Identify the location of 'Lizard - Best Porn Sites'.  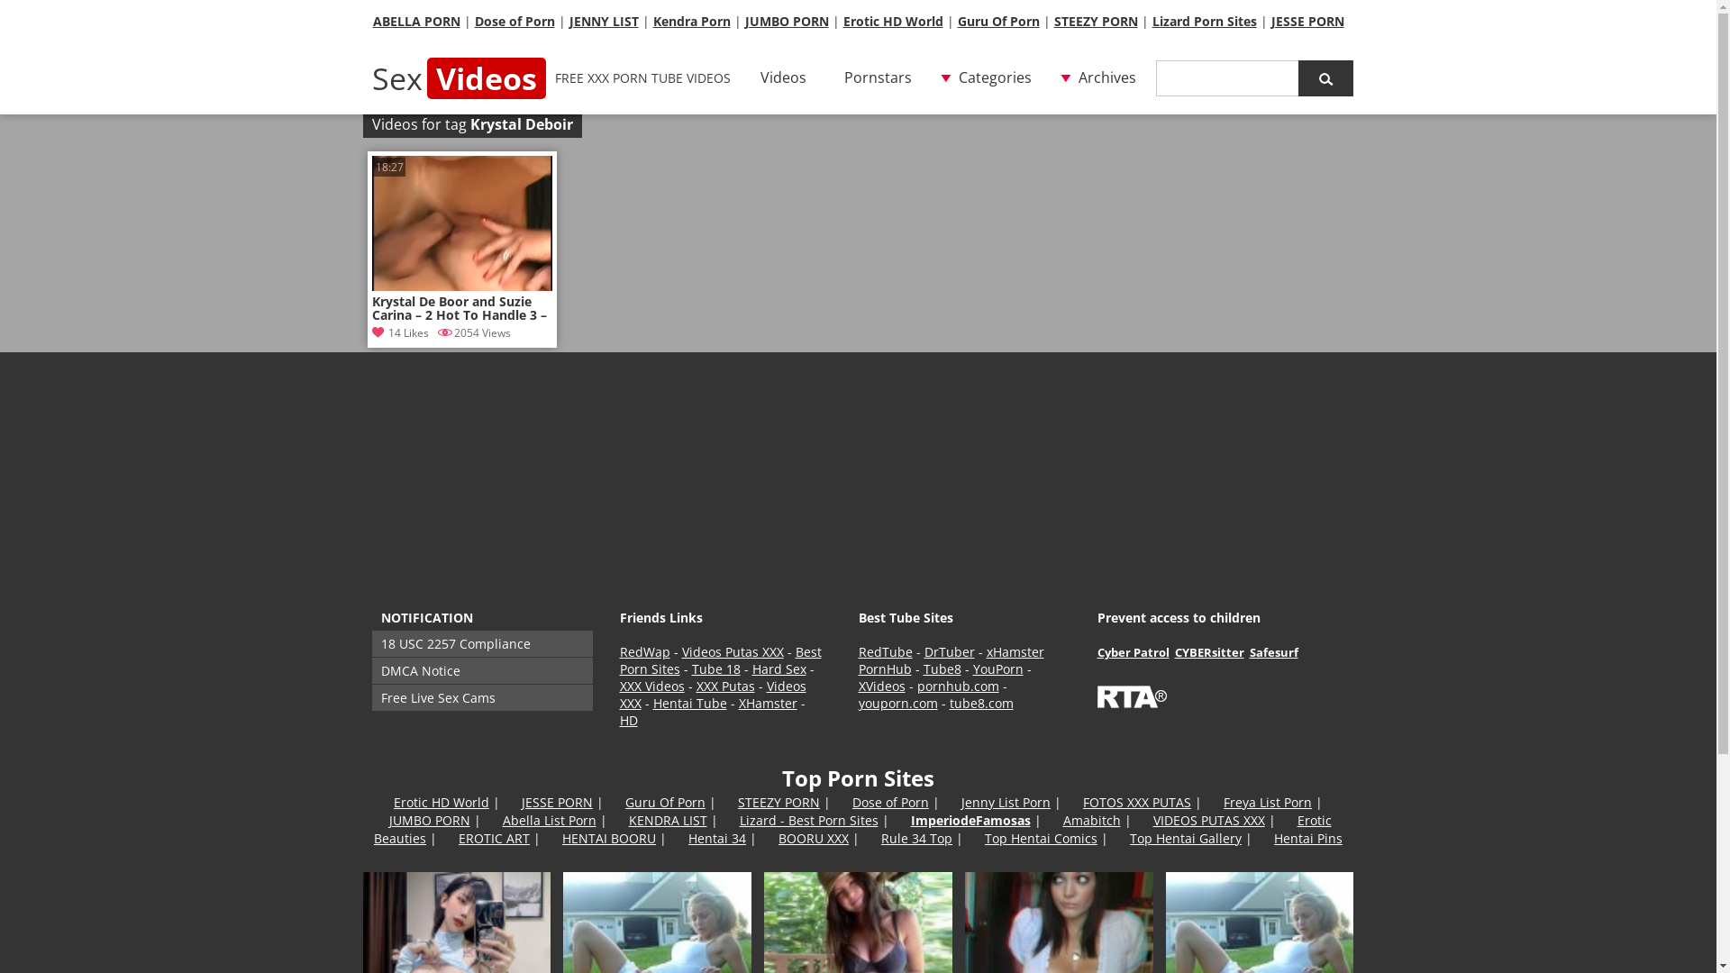
(807, 820).